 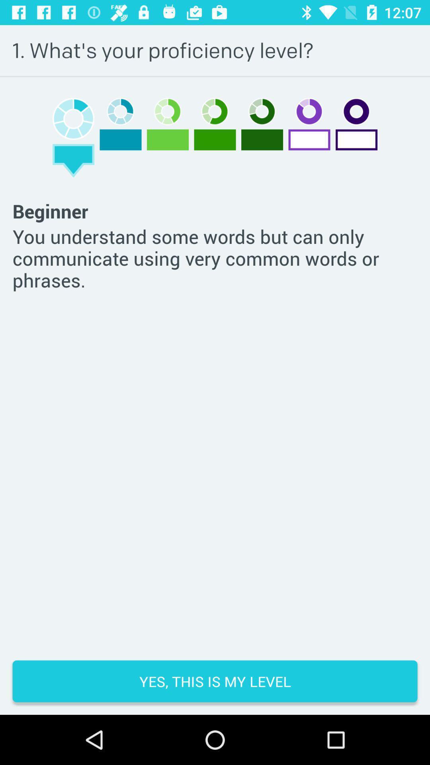 I want to click on the yes this is, so click(x=215, y=681).